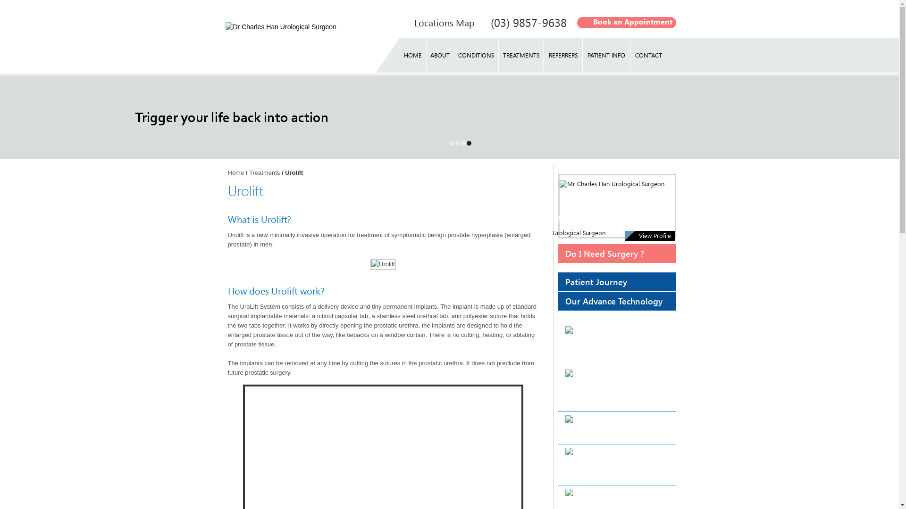  I want to click on 'REFERRERS', so click(563, 55).